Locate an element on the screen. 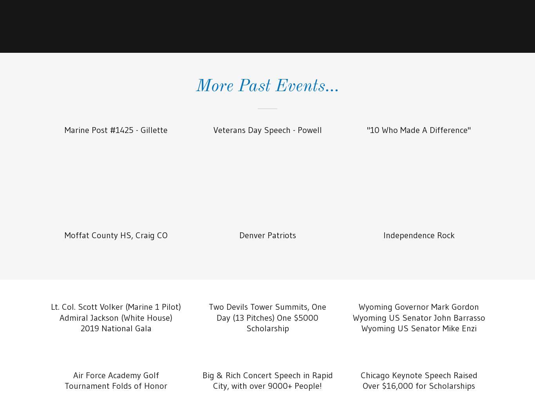 This screenshot has width=535, height=415. 'Air Force Academy Golf Tournament Folds of Honor' is located at coordinates (116, 380).